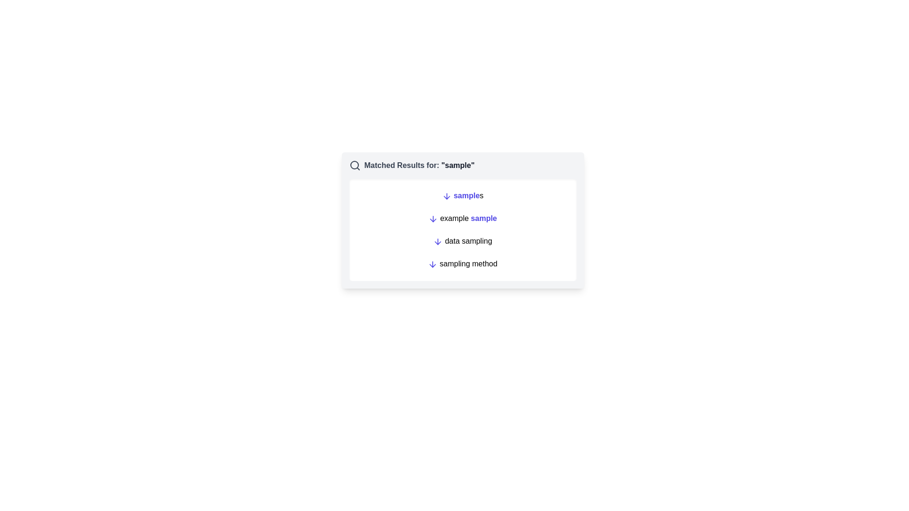 This screenshot has width=909, height=511. I want to click on the third button in the menu list to activate the hover effect, which is located between the 'example sample' option and the 'sampling method' entry, so click(463, 240).